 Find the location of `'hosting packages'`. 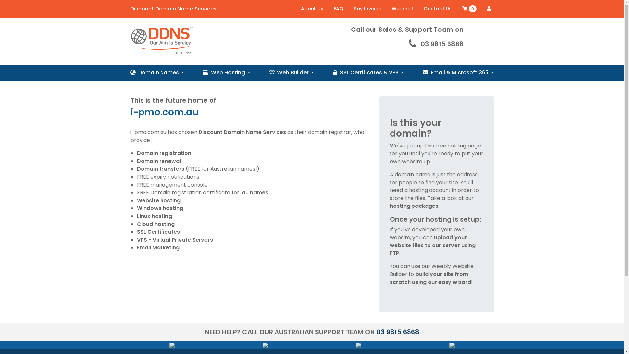

'hosting packages' is located at coordinates (413, 206).